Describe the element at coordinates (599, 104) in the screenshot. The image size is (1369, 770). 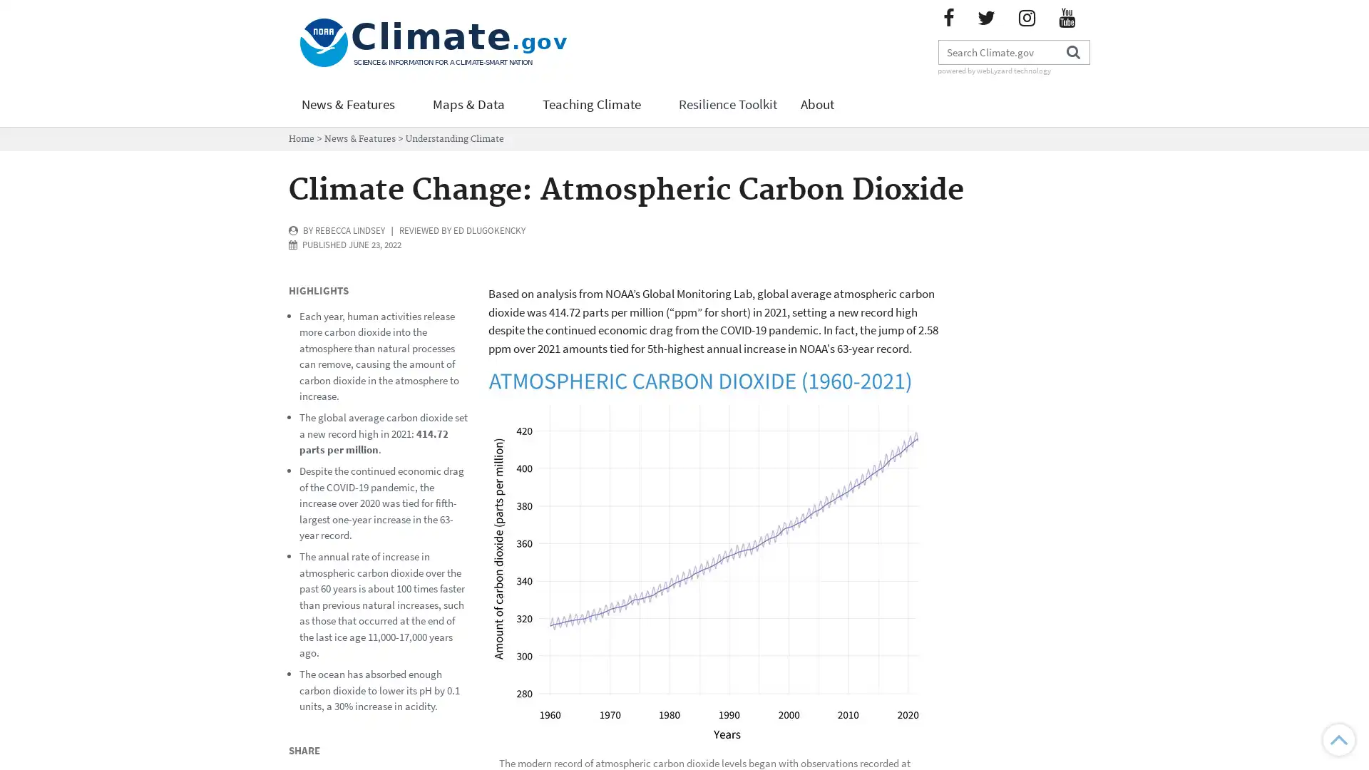
I see `Teaching Climate` at that location.